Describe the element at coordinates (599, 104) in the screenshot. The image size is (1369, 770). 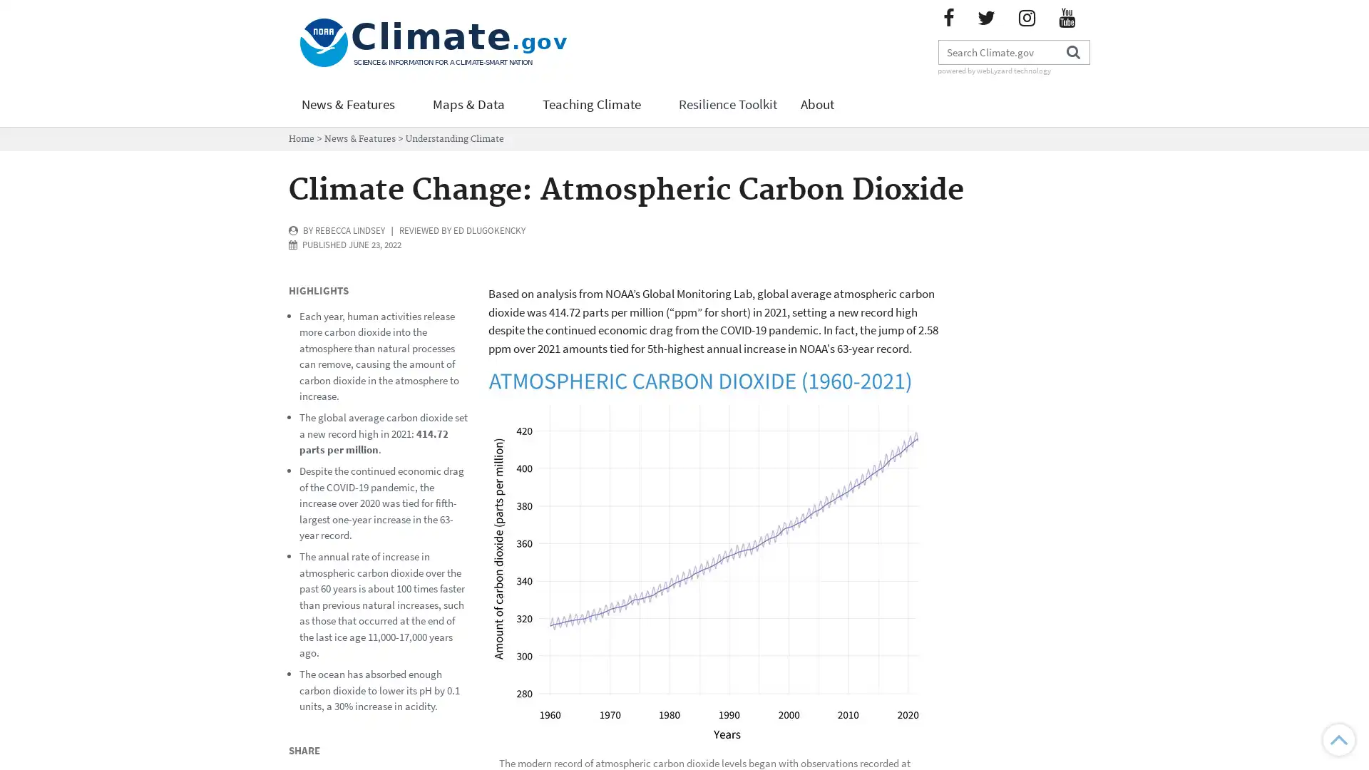
I see `Teaching Climate` at that location.